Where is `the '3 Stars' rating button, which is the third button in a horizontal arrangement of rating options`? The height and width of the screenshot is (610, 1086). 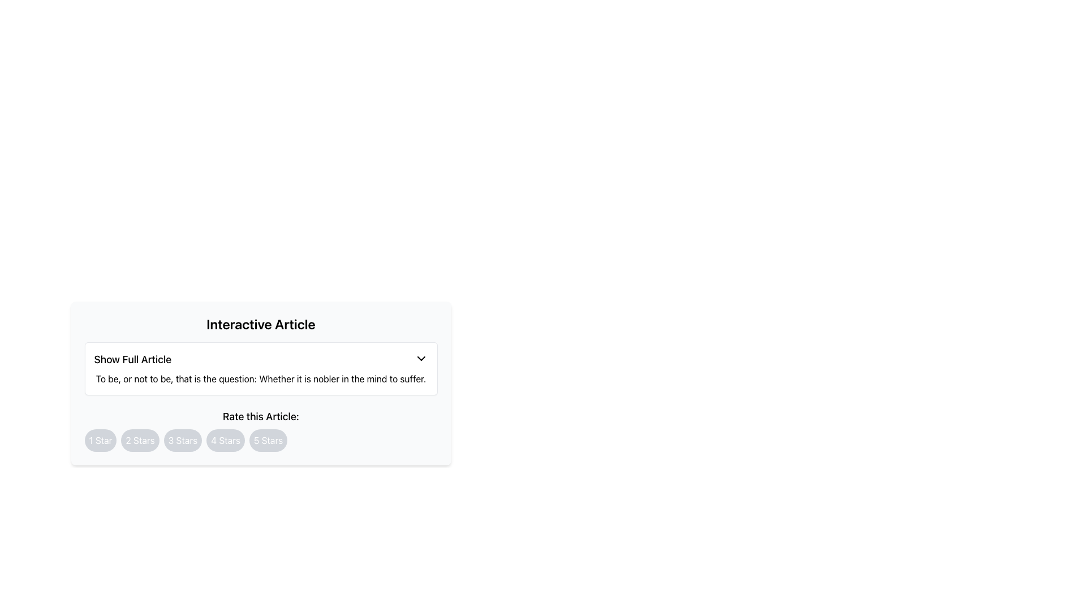
the '3 Stars' rating button, which is the third button in a horizontal arrangement of rating options is located at coordinates (183, 439).